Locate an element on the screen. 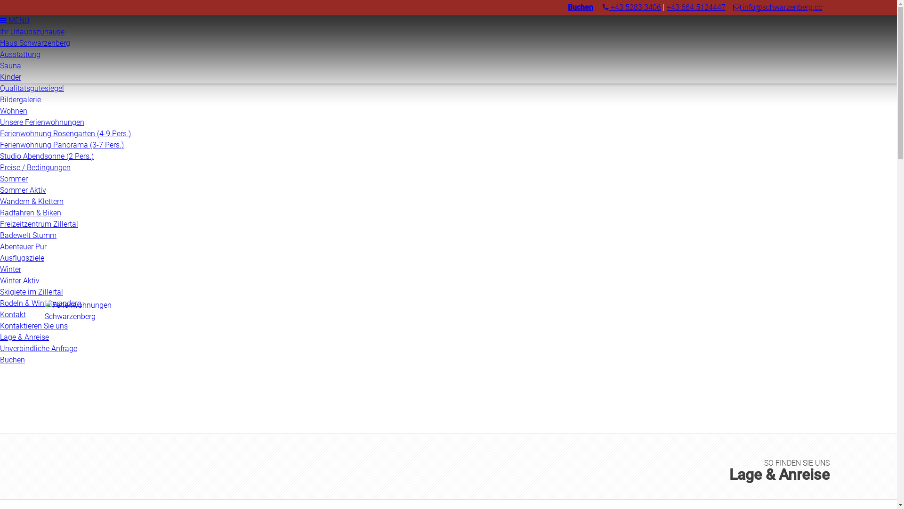 Image resolution: width=904 pixels, height=509 pixels. 'Preise / Bedingungen' is located at coordinates (35, 167).